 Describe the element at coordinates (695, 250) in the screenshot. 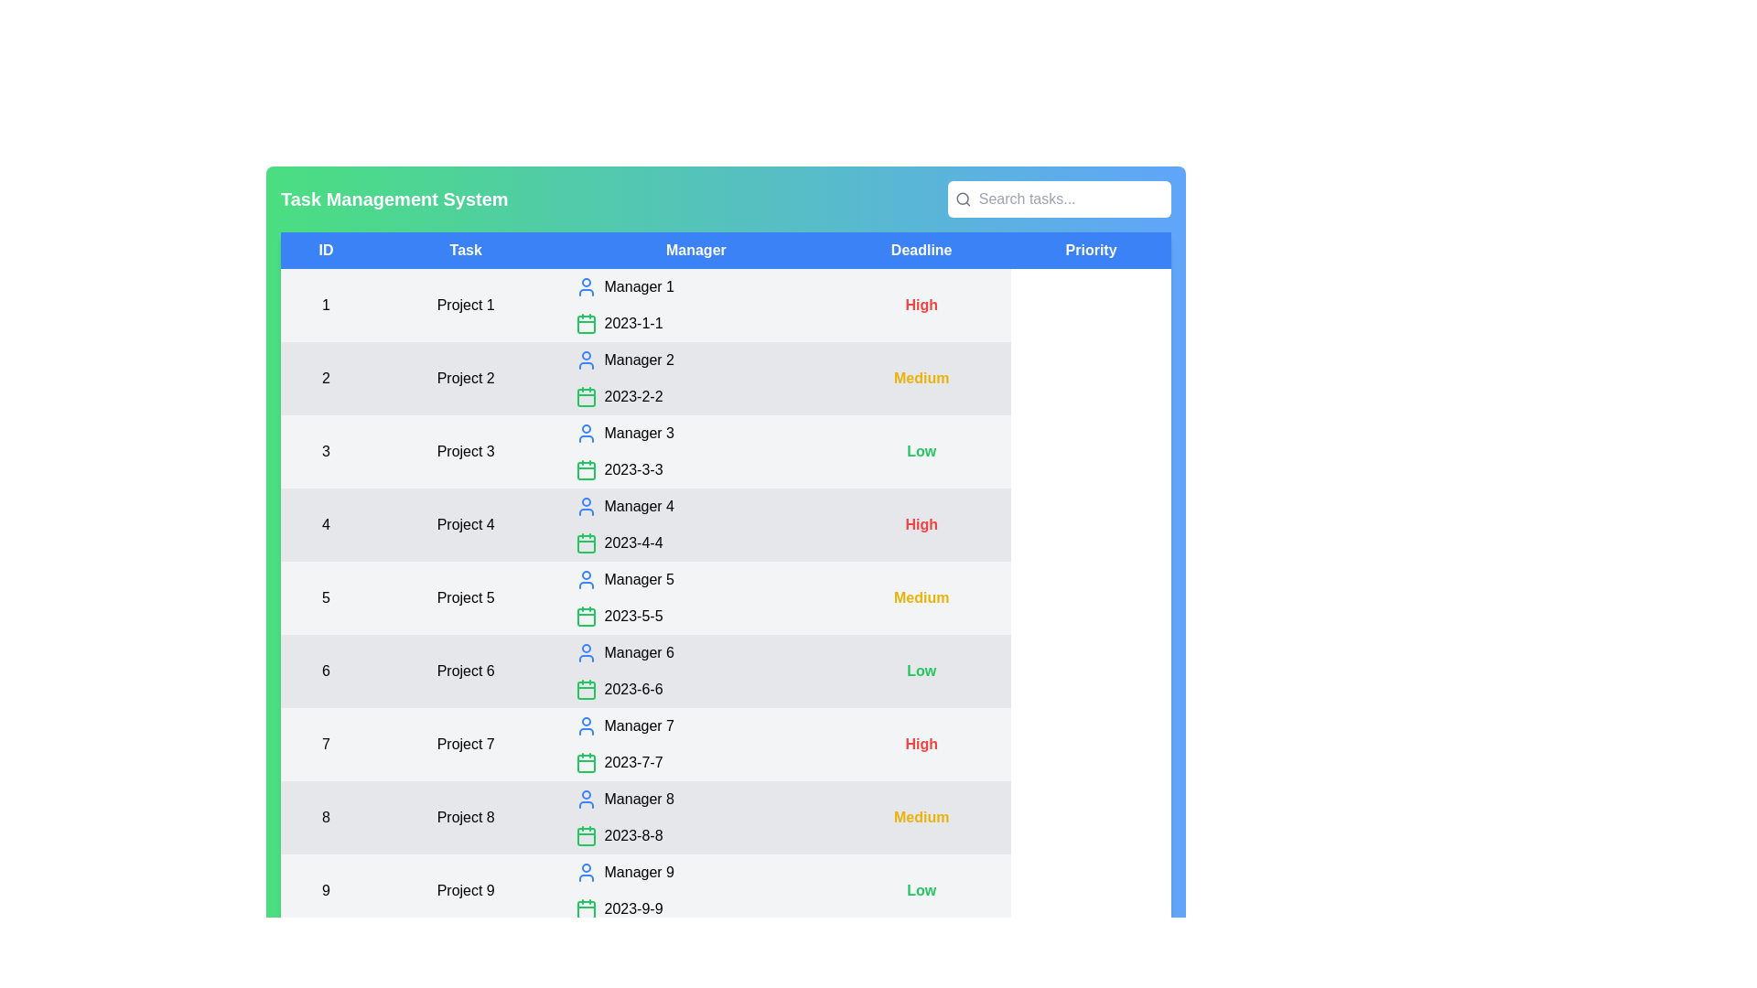

I see `the column header Manager to sort or filter the tasks` at that location.